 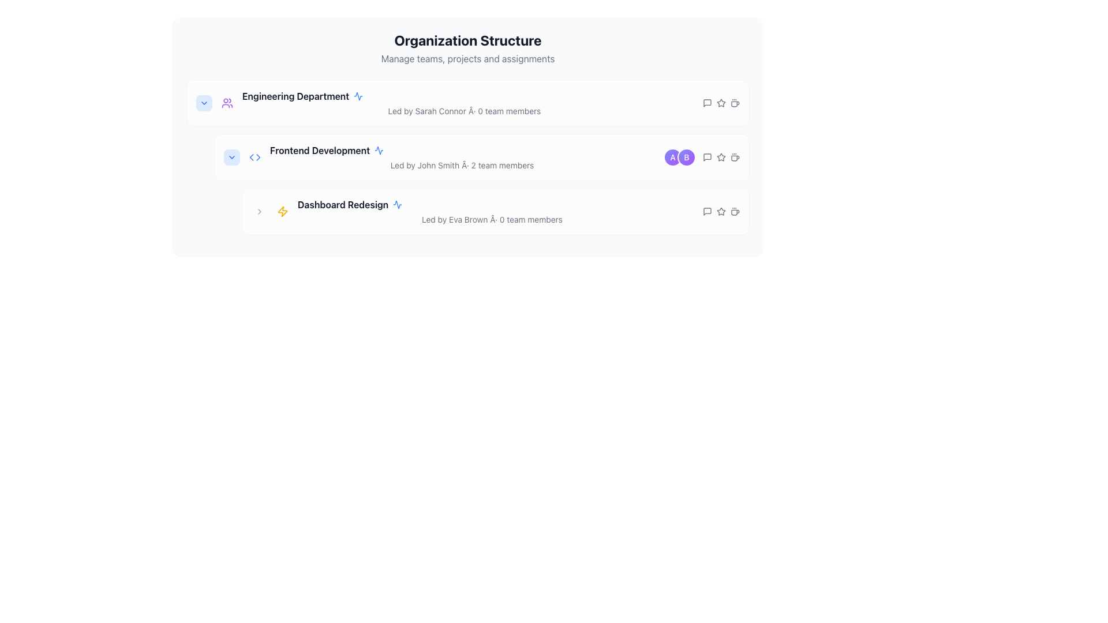 What do you see at coordinates (706, 102) in the screenshot?
I see `the messaging icon located within the 'Engineering Department' group item` at bounding box center [706, 102].